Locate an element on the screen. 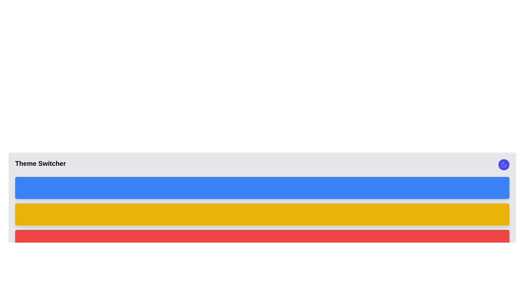 The image size is (529, 298). the theme-changing icon located in the top-right corner of the layout is located at coordinates (504, 164).